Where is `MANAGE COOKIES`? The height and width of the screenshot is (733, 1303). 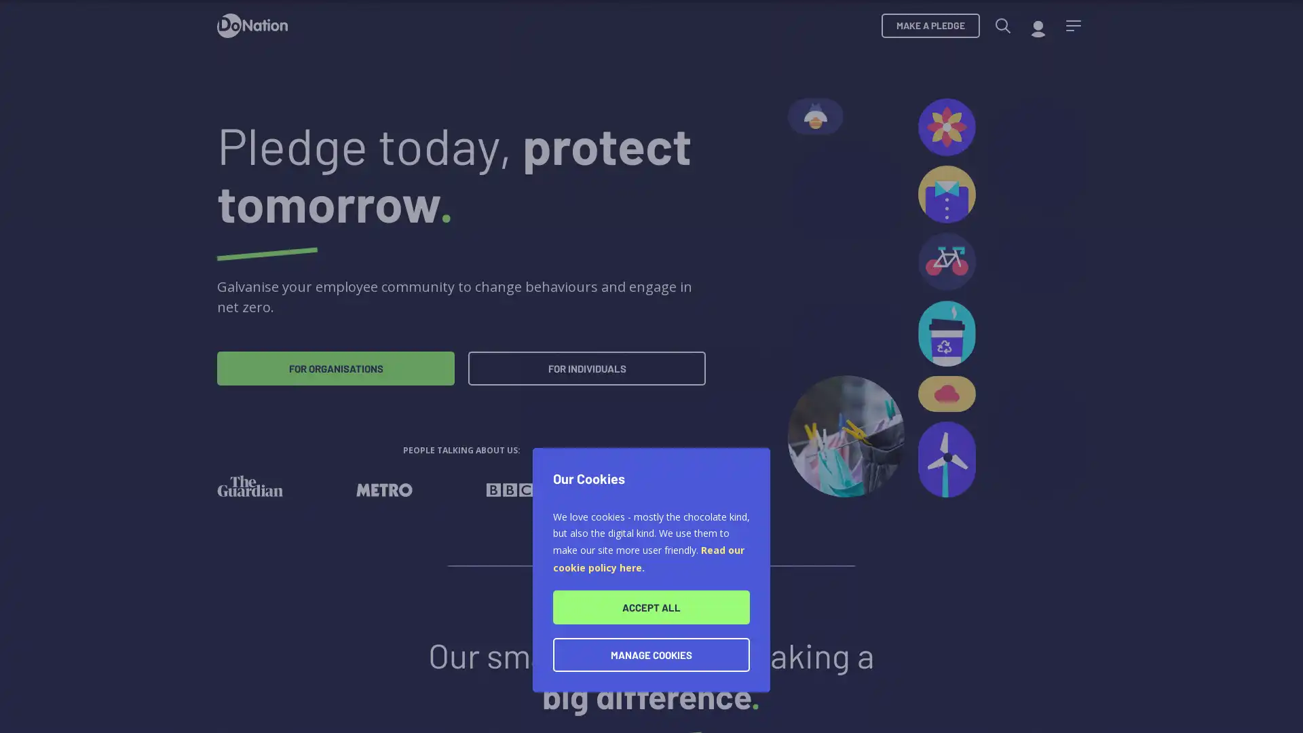 MANAGE COOKIES is located at coordinates (651, 654).